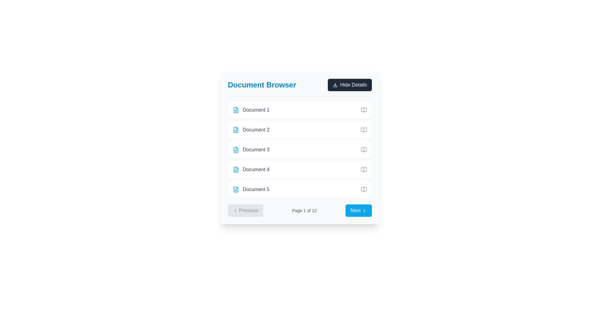 This screenshot has height=335, width=596. Describe the element at coordinates (363, 150) in the screenshot. I see `the open book icon, which is styled gray and located to the right of 'Document 3'` at that location.